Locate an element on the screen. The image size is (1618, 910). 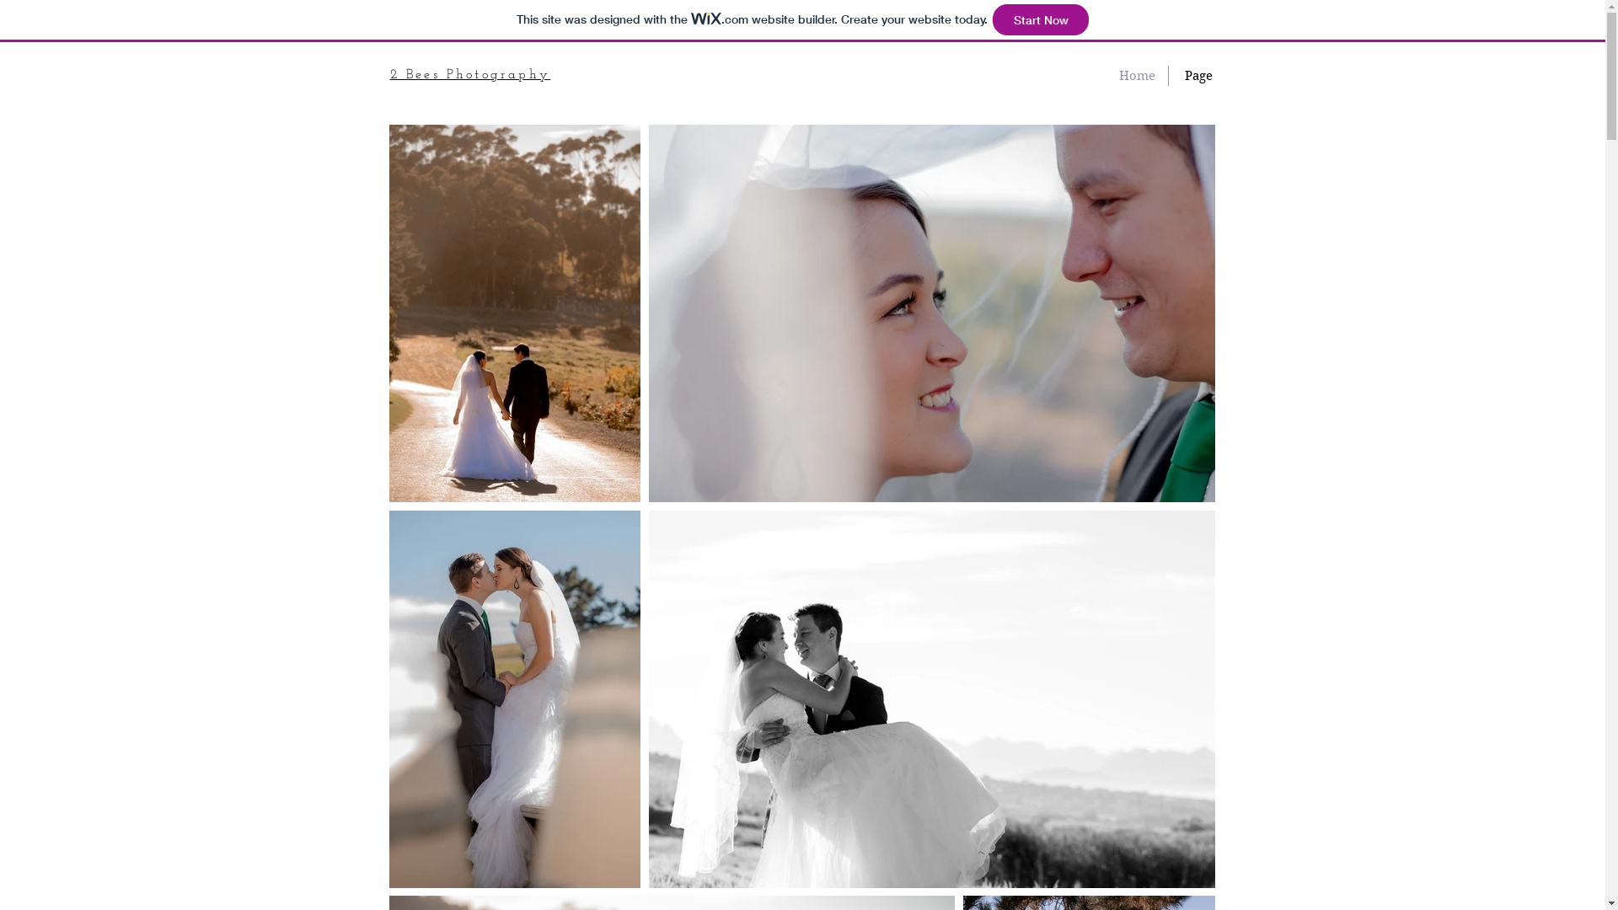
'Page' is located at coordinates (1197, 74).